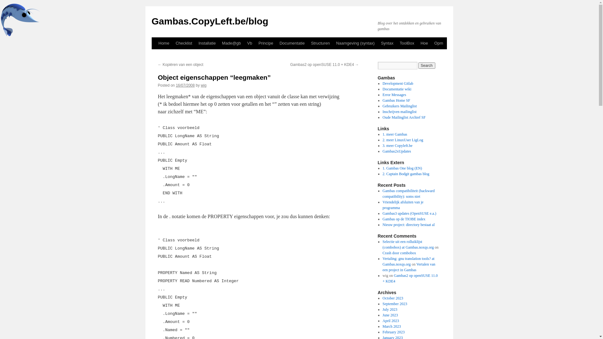  Describe the element at coordinates (402, 168) in the screenshot. I see `'1. Gambas One blog (EN)'` at that location.